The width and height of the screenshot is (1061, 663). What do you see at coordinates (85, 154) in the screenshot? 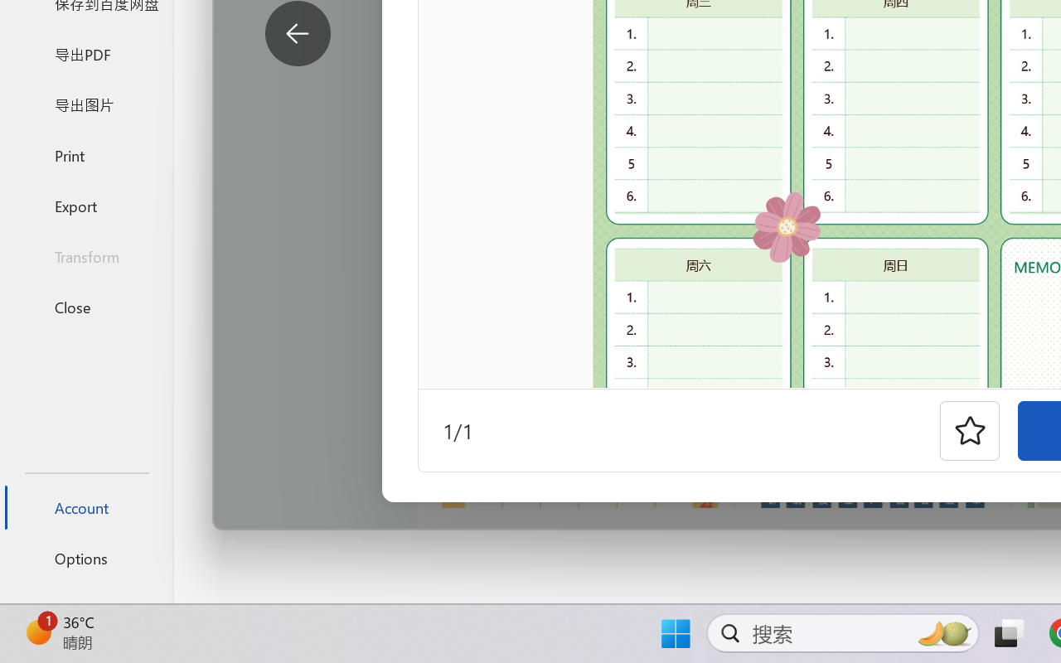
I see `'Print'` at bounding box center [85, 154].